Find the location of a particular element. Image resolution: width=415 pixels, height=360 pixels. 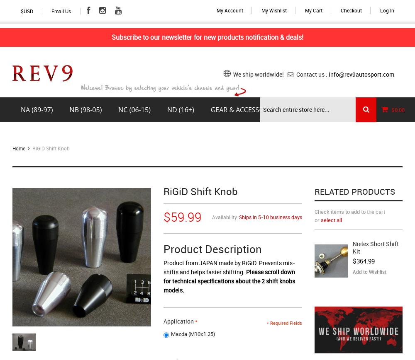

'select all' is located at coordinates (331, 220).